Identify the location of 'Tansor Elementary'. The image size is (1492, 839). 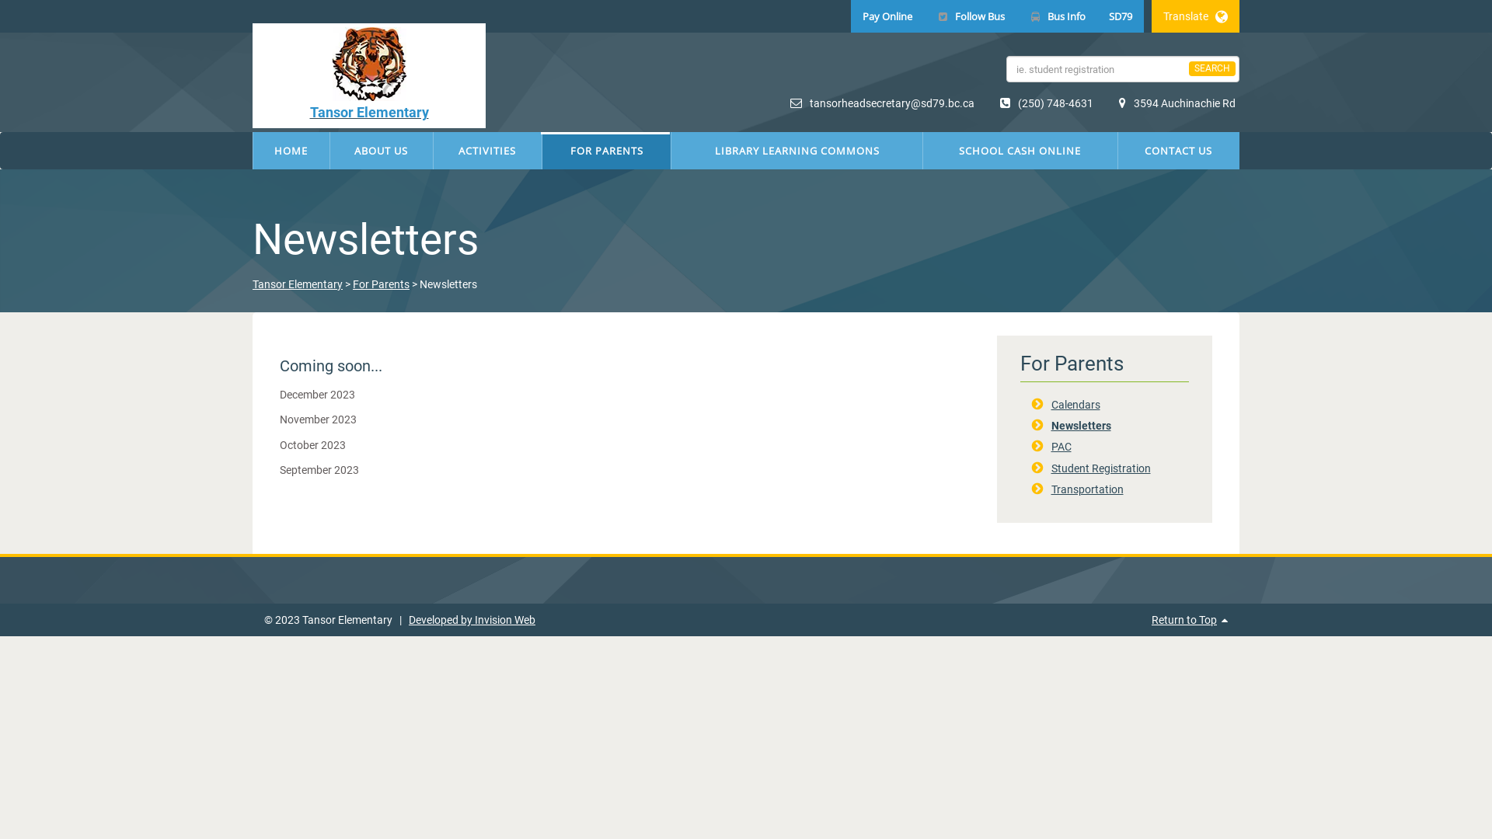
(253, 284).